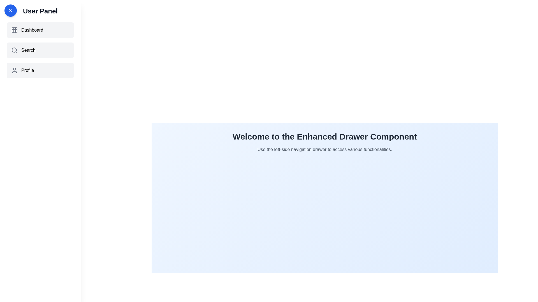 This screenshot has height=302, width=538. Describe the element at coordinates (40, 30) in the screenshot. I see `the first item in the vertical navigation menu located in the left sidebar` at that location.